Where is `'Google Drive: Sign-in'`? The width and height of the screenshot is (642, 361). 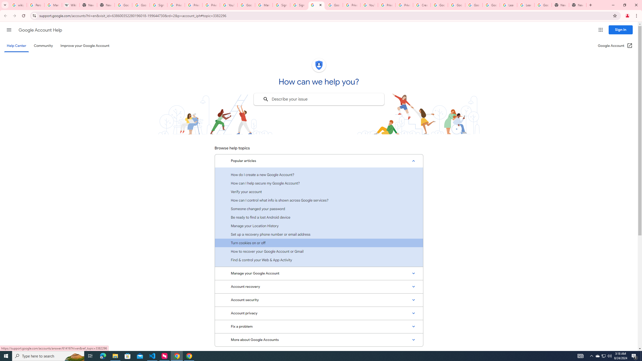 'Google Drive: Sign-in' is located at coordinates (140, 5).